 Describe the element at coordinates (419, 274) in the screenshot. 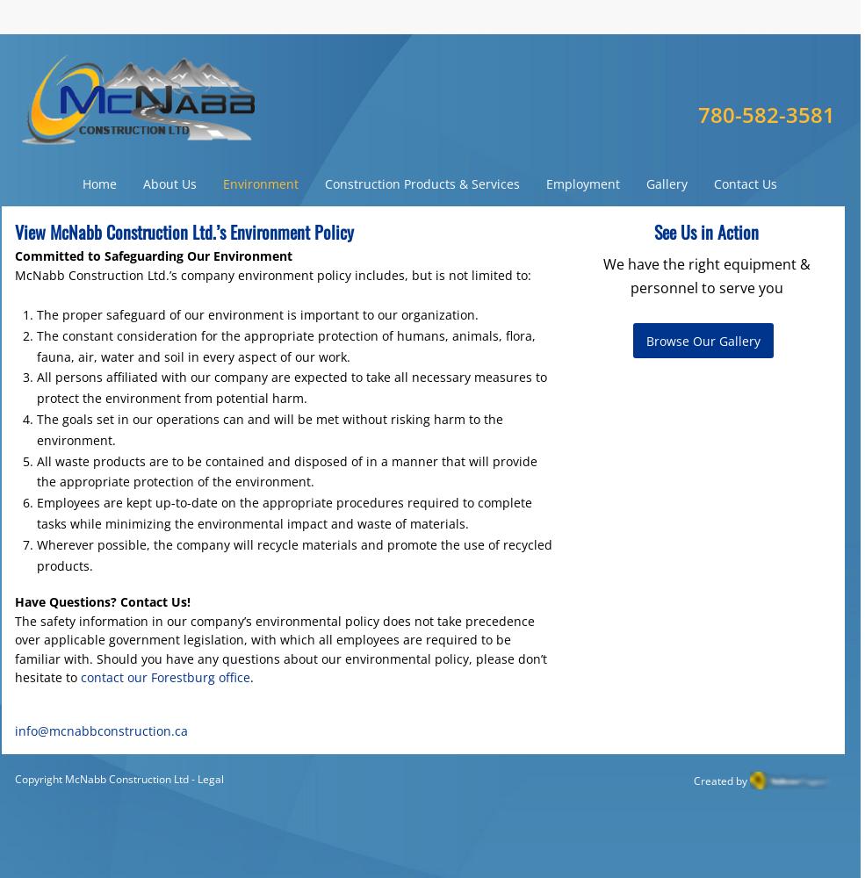

I see `'t policy includes, but is not limited to:'` at that location.